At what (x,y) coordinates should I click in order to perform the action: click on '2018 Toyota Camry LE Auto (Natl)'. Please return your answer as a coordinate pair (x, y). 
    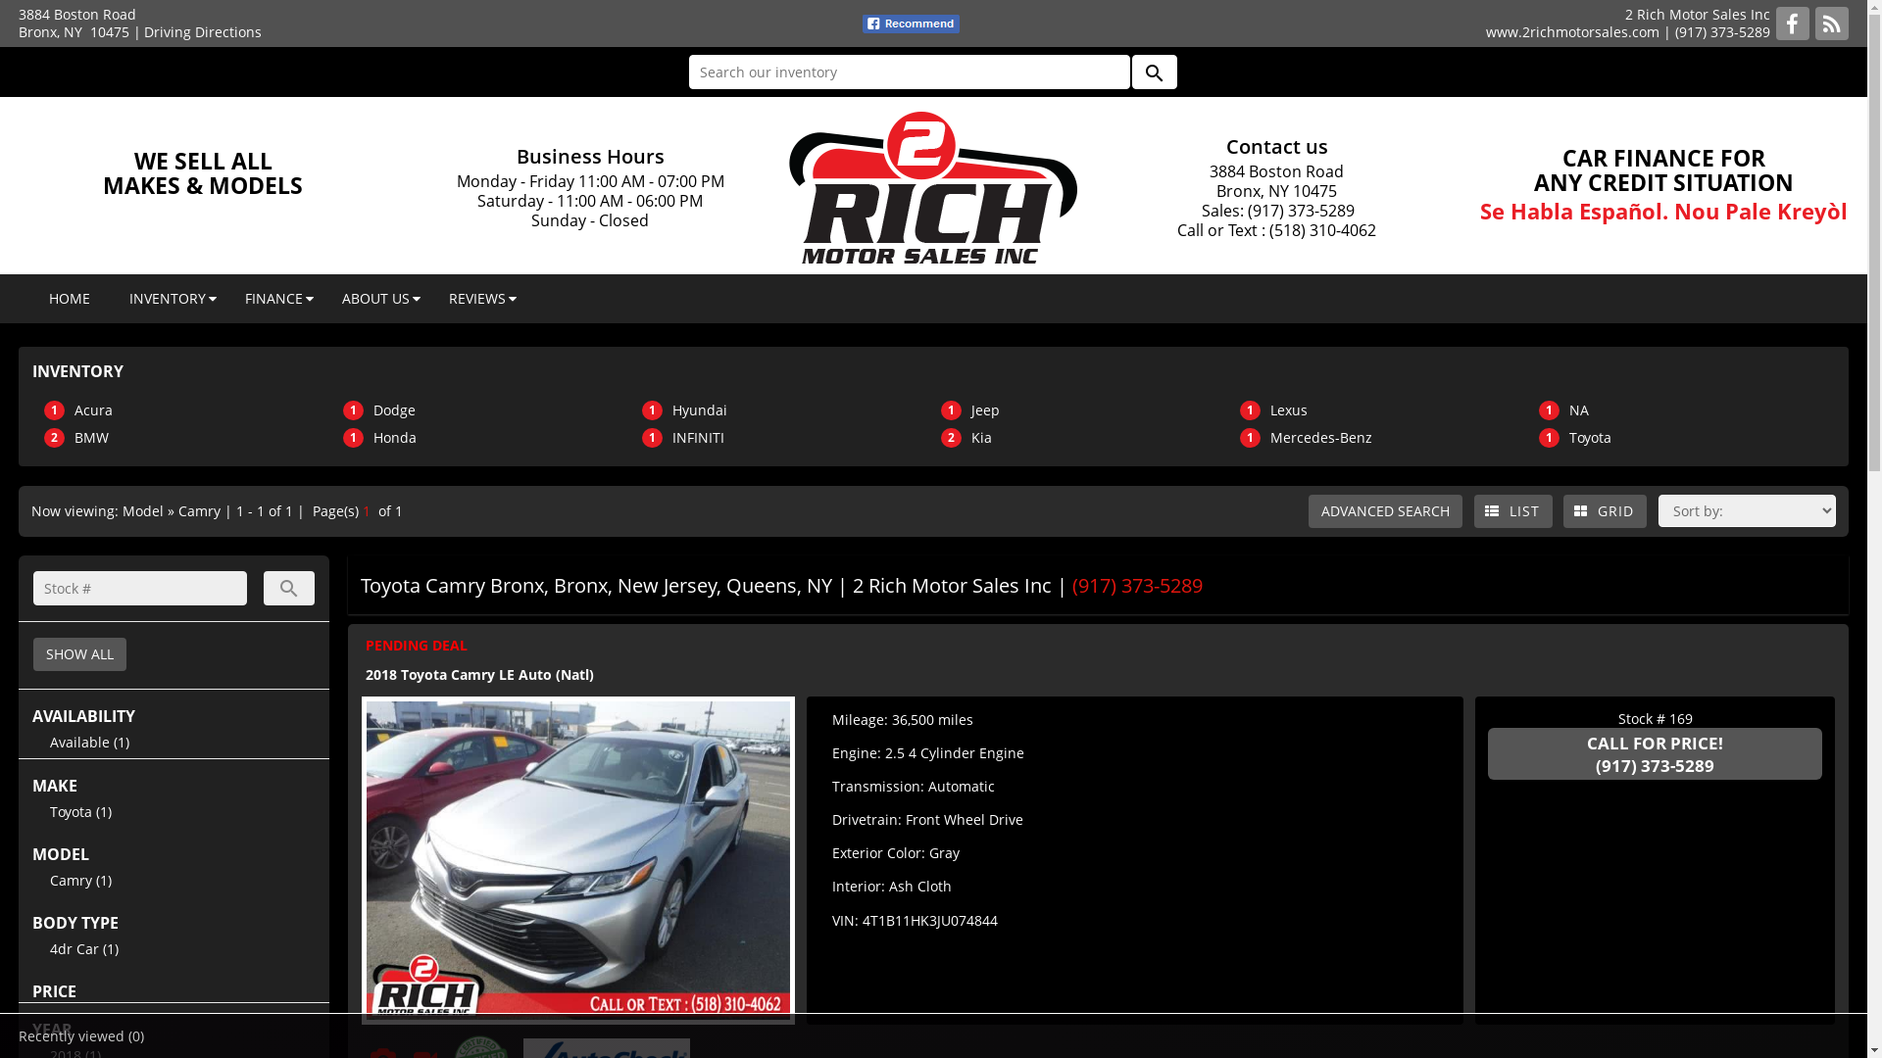
    Looking at the image, I should click on (479, 673).